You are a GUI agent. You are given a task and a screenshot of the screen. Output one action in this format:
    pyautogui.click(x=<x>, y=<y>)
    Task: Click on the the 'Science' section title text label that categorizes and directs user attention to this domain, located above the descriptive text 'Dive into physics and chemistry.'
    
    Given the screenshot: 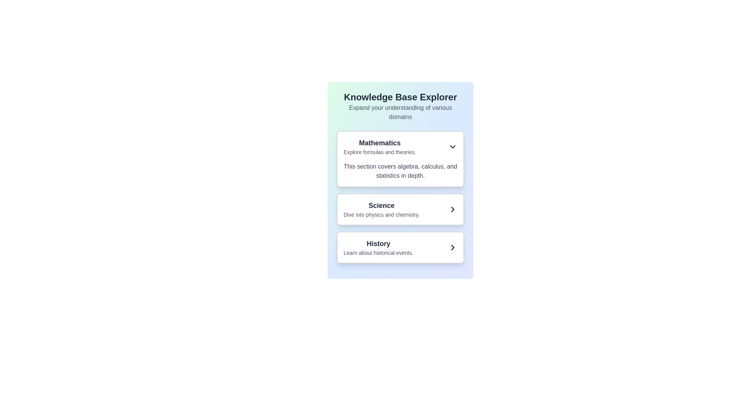 What is the action you would take?
    pyautogui.click(x=381, y=205)
    